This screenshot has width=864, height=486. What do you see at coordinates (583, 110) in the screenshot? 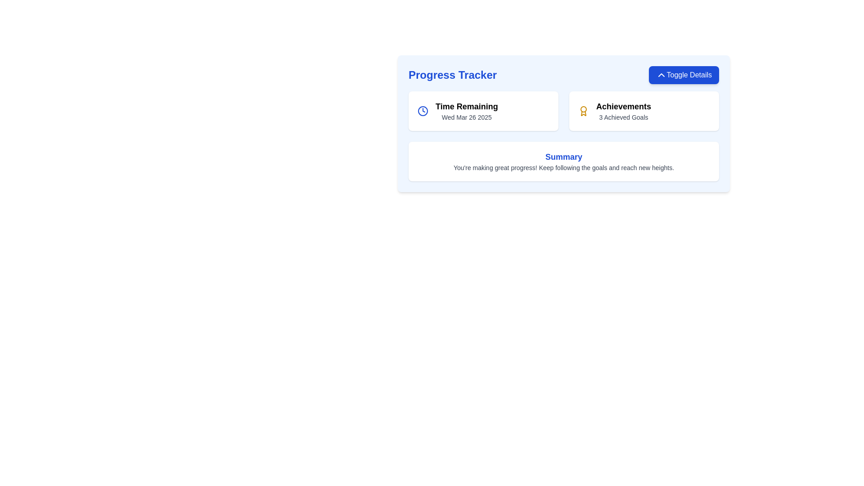
I see `the yellow award icon situated next to the 'Achievements' heading in the white rounded card, which is located before the text '3 Achieved Goals'` at bounding box center [583, 110].